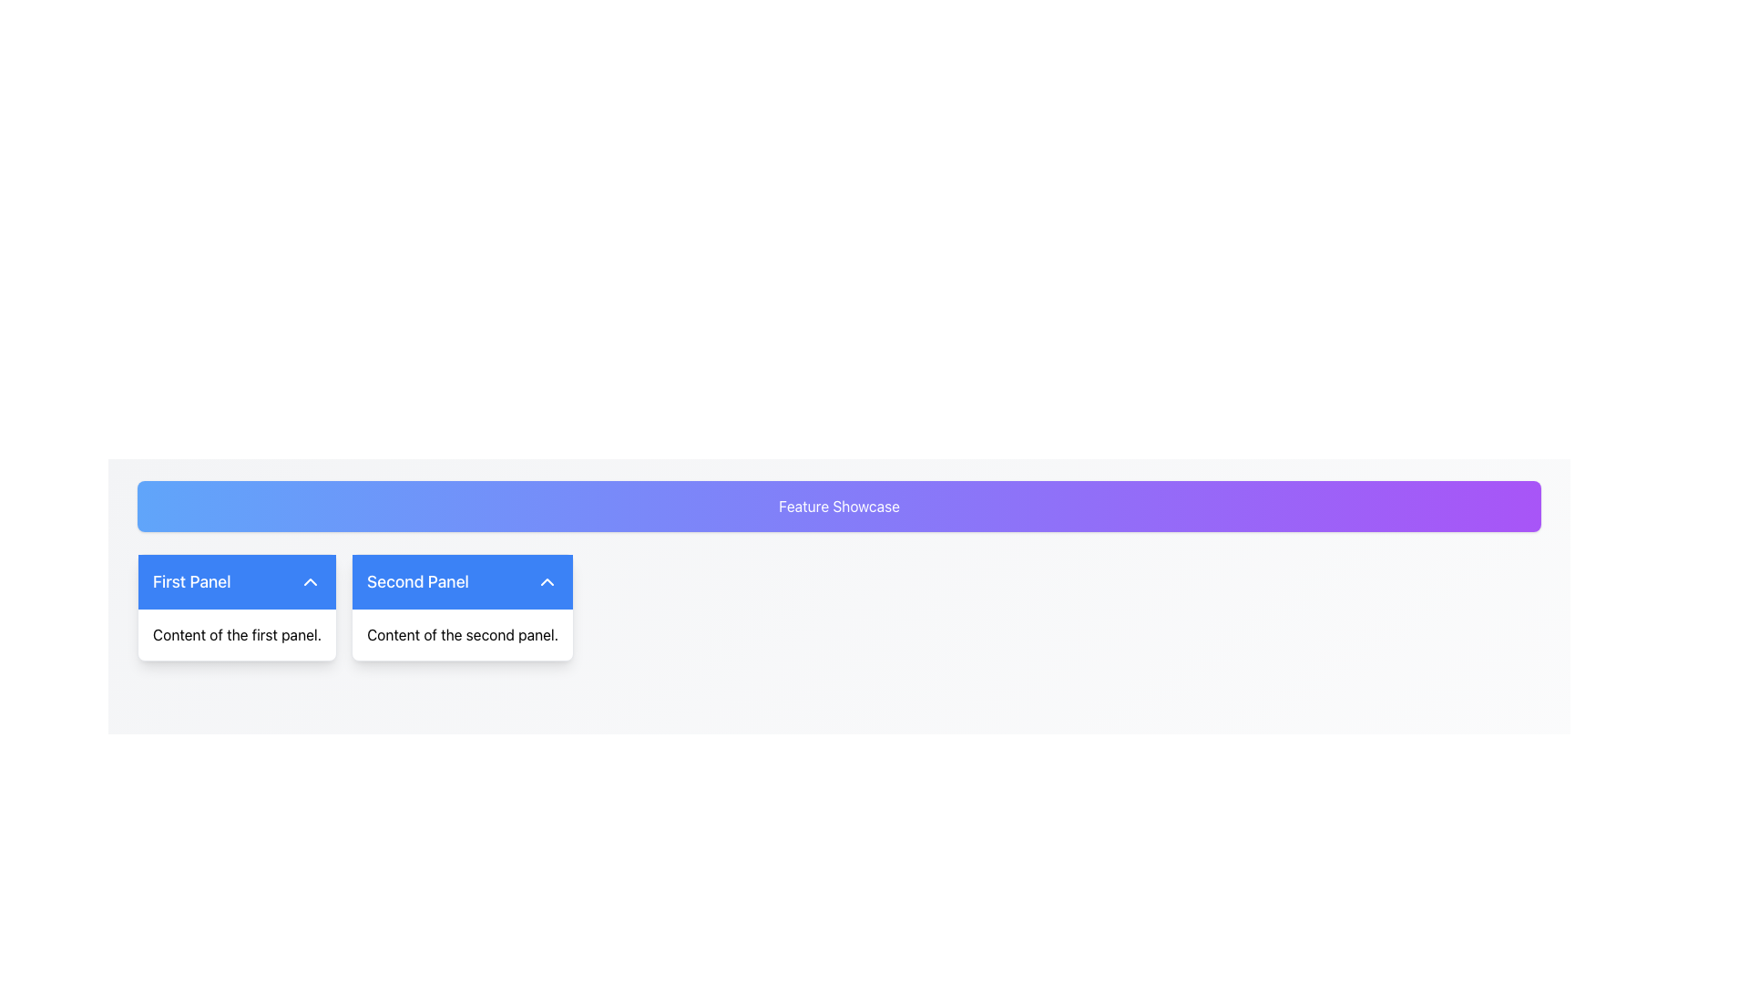 The image size is (1749, 984). I want to click on static text content displaying 'Content of the second panel.' located beneath the 'Second Panel' header in the dropdown panel interface, so click(463, 634).